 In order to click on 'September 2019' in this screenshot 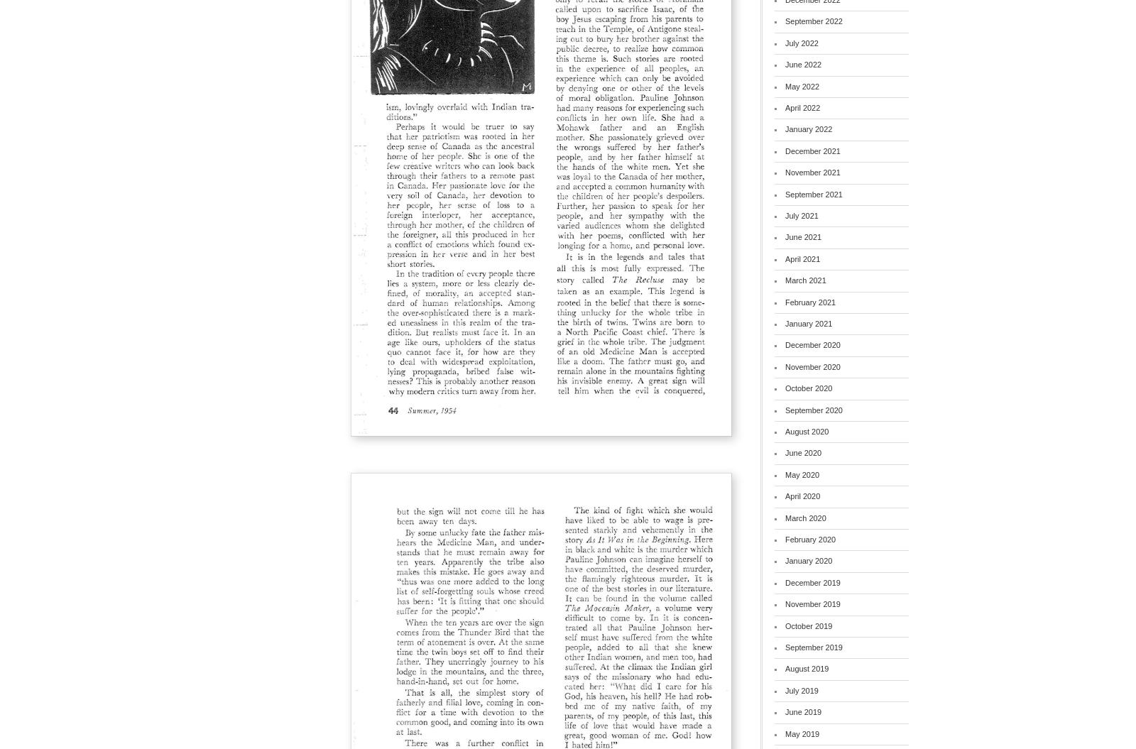, I will do `click(814, 647)`.